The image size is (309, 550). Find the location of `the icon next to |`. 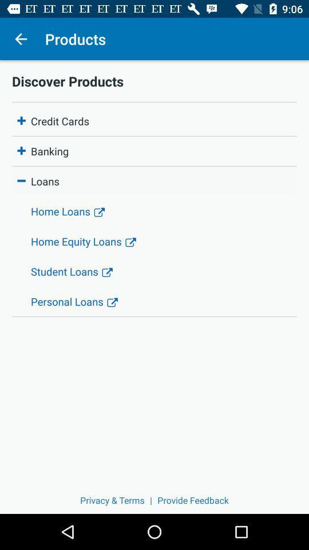

the icon next to | is located at coordinates (112, 500).